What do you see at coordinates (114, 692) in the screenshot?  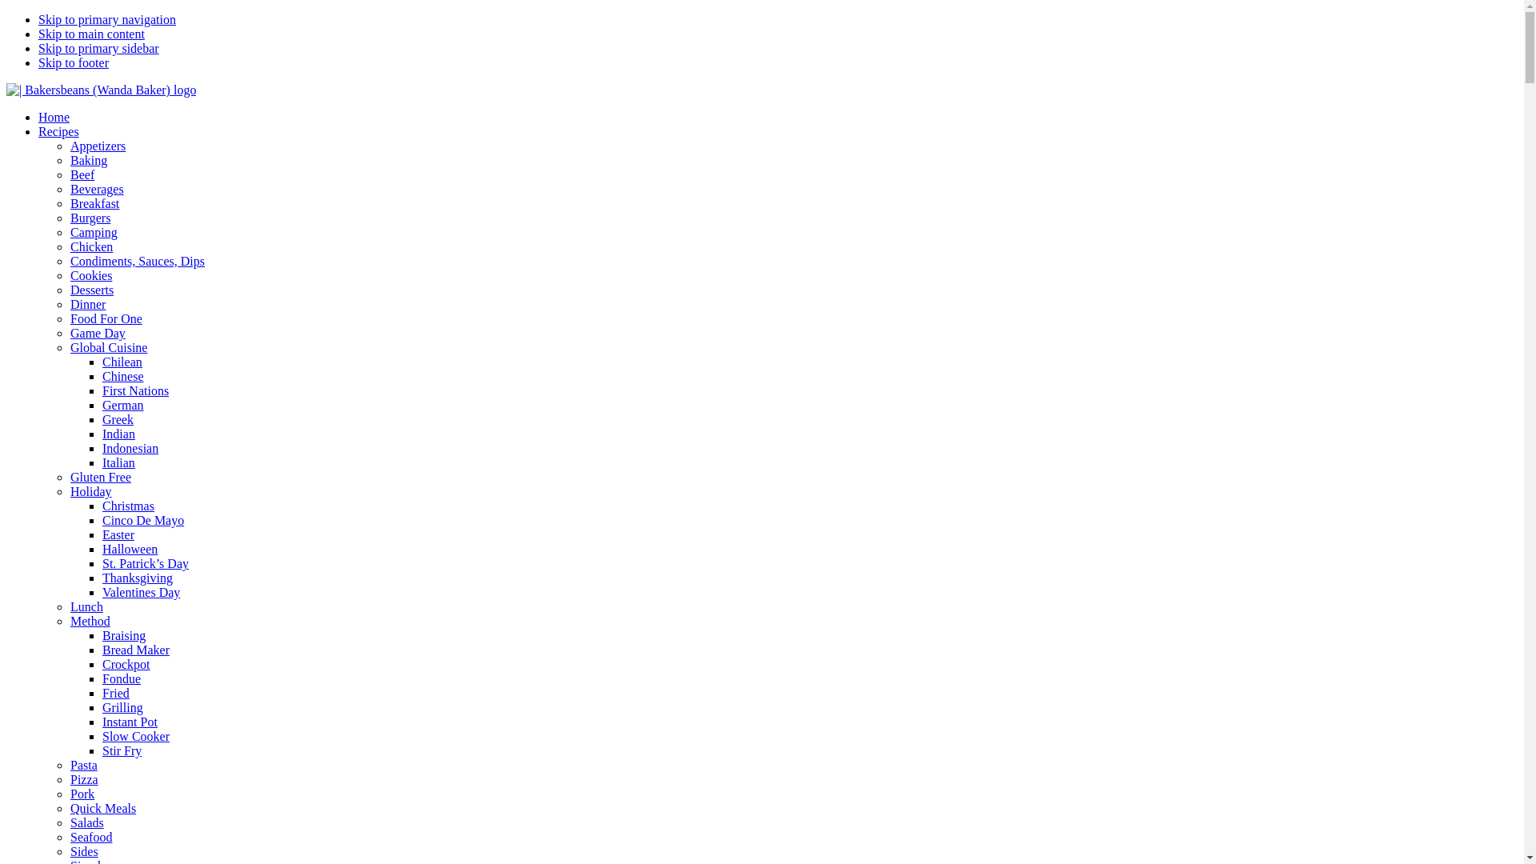 I see `'Fried'` at bounding box center [114, 692].